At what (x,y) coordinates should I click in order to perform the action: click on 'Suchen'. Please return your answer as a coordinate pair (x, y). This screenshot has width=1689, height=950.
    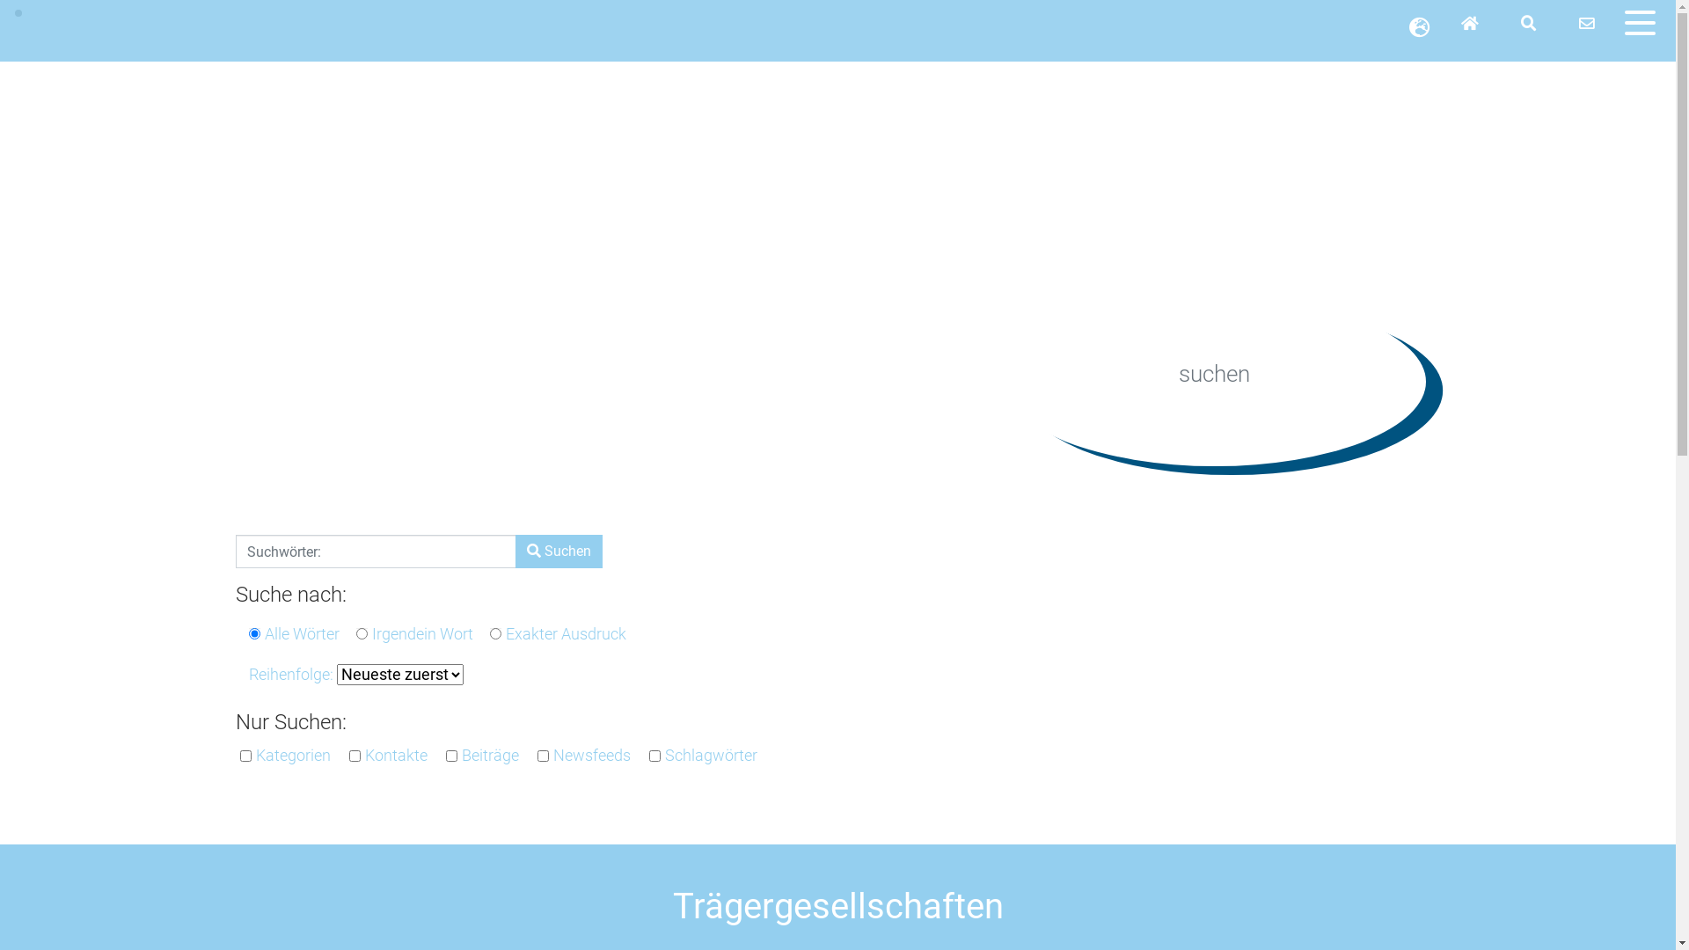
    Looking at the image, I should click on (558, 551).